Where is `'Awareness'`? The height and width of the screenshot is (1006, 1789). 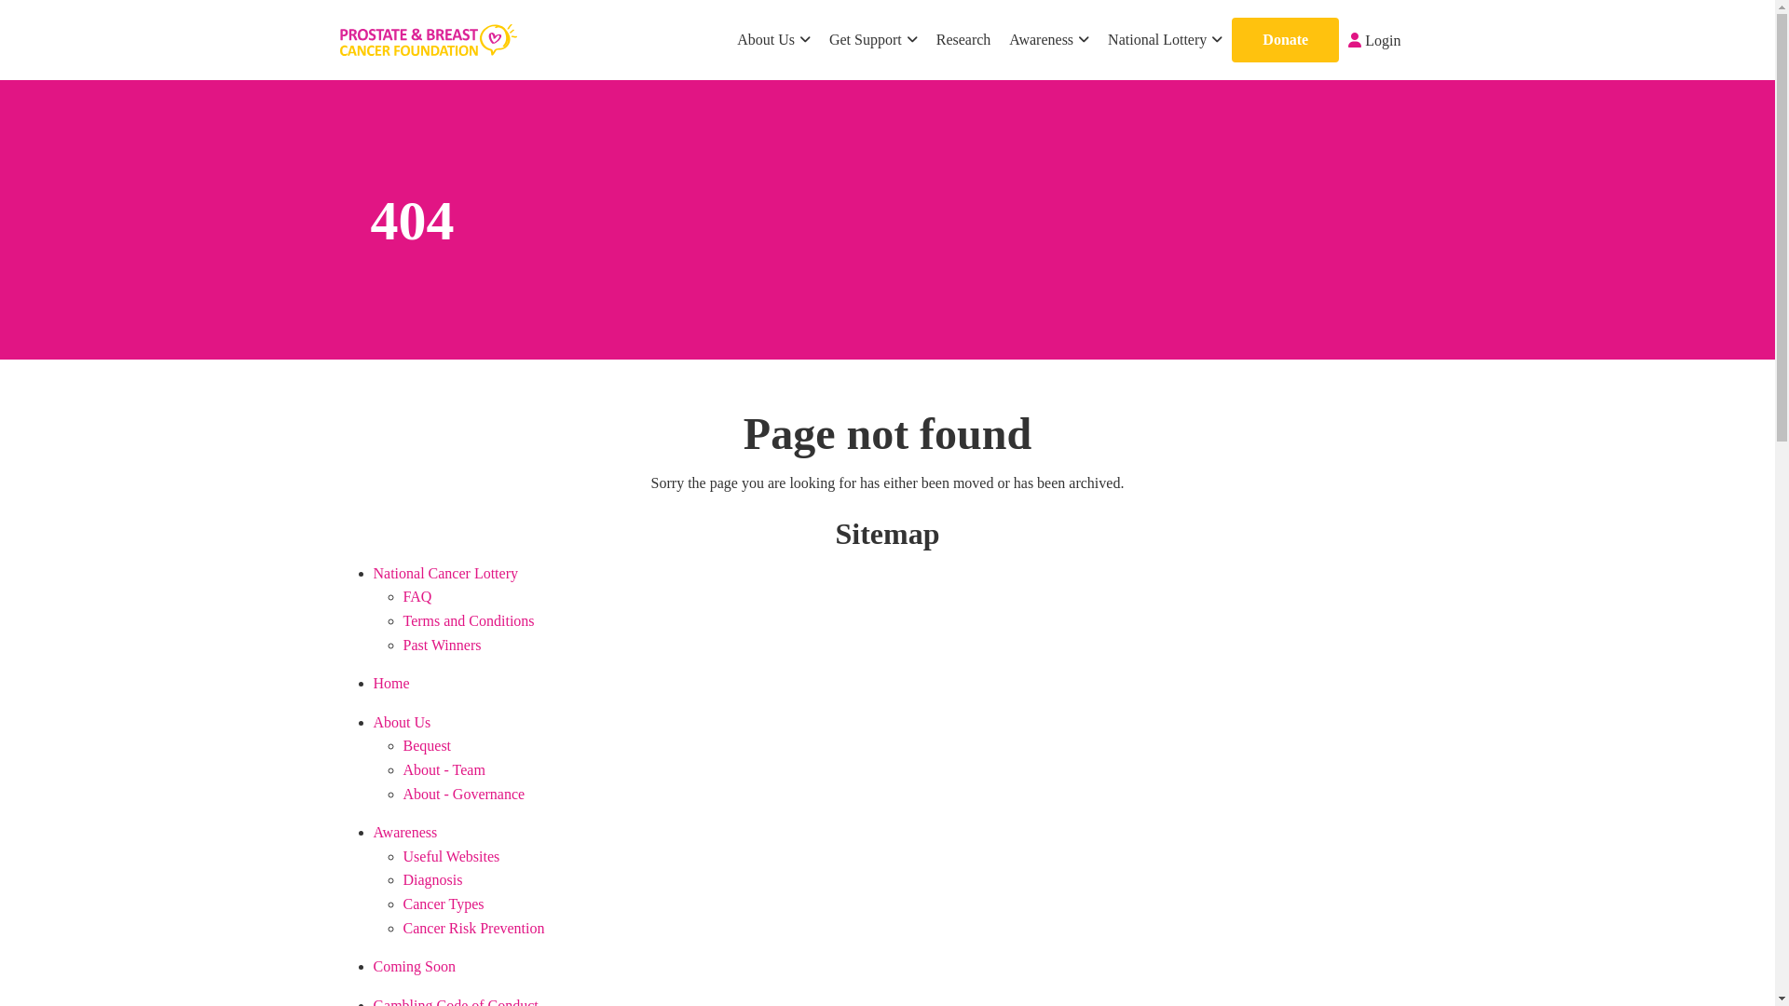
'Awareness' is located at coordinates (999, 39).